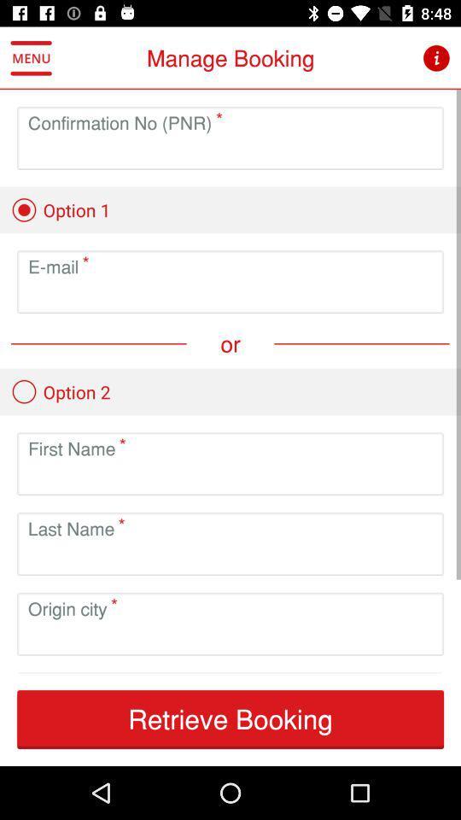  What do you see at coordinates (436, 58) in the screenshot?
I see `the icon next to the manage booking` at bounding box center [436, 58].